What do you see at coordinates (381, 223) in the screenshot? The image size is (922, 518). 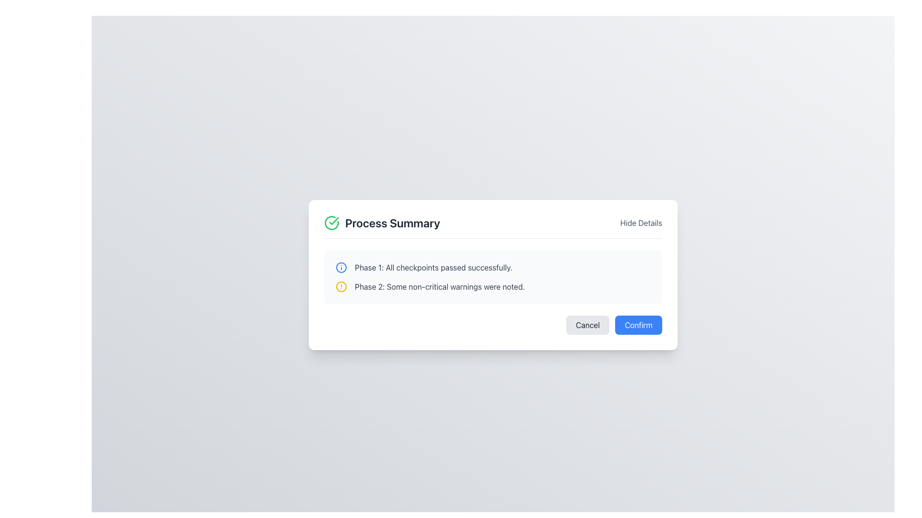 I see `the header label that indicates a summary of a process, positioned at the left center of the header area, aligned to the left of the 'Hide Details' text` at bounding box center [381, 223].